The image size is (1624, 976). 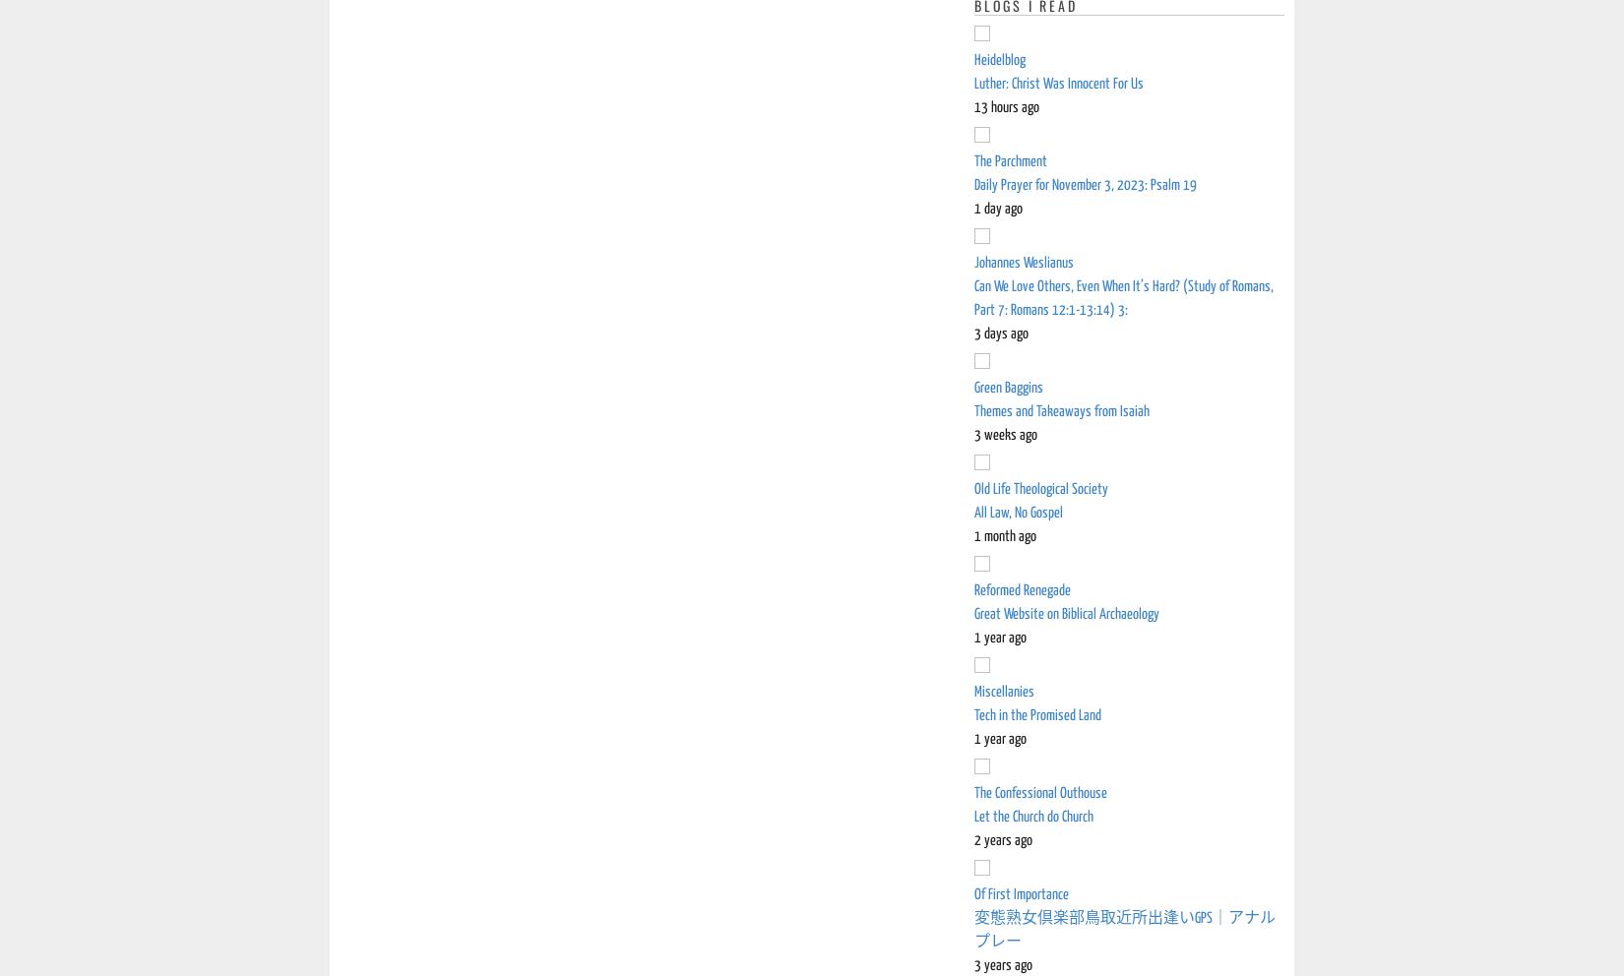 I want to click on 'Old Life Theological Society', so click(x=1040, y=488).